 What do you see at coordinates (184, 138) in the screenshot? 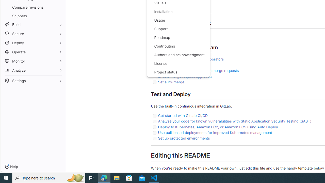
I see `'Set up protected environments'` at bounding box center [184, 138].